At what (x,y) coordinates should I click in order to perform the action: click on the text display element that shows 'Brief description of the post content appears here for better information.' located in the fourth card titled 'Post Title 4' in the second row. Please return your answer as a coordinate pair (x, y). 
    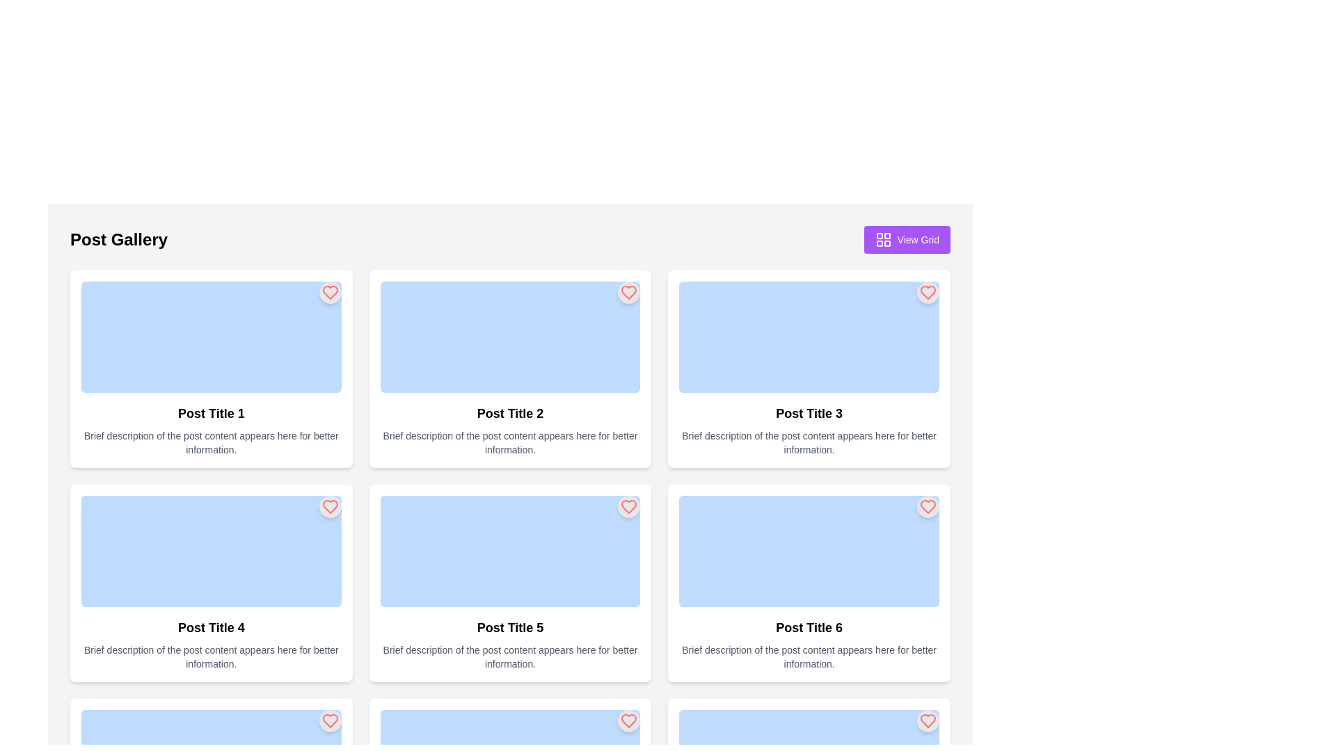
    Looking at the image, I should click on (210, 657).